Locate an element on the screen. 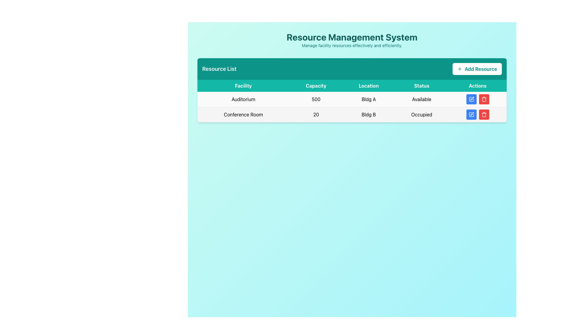 The width and height of the screenshot is (577, 324). the 'Capacity' column header in the table, which displays bold white text on a teal background and is positioned between 'Facility' and 'Location' is located at coordinates (316, 85).